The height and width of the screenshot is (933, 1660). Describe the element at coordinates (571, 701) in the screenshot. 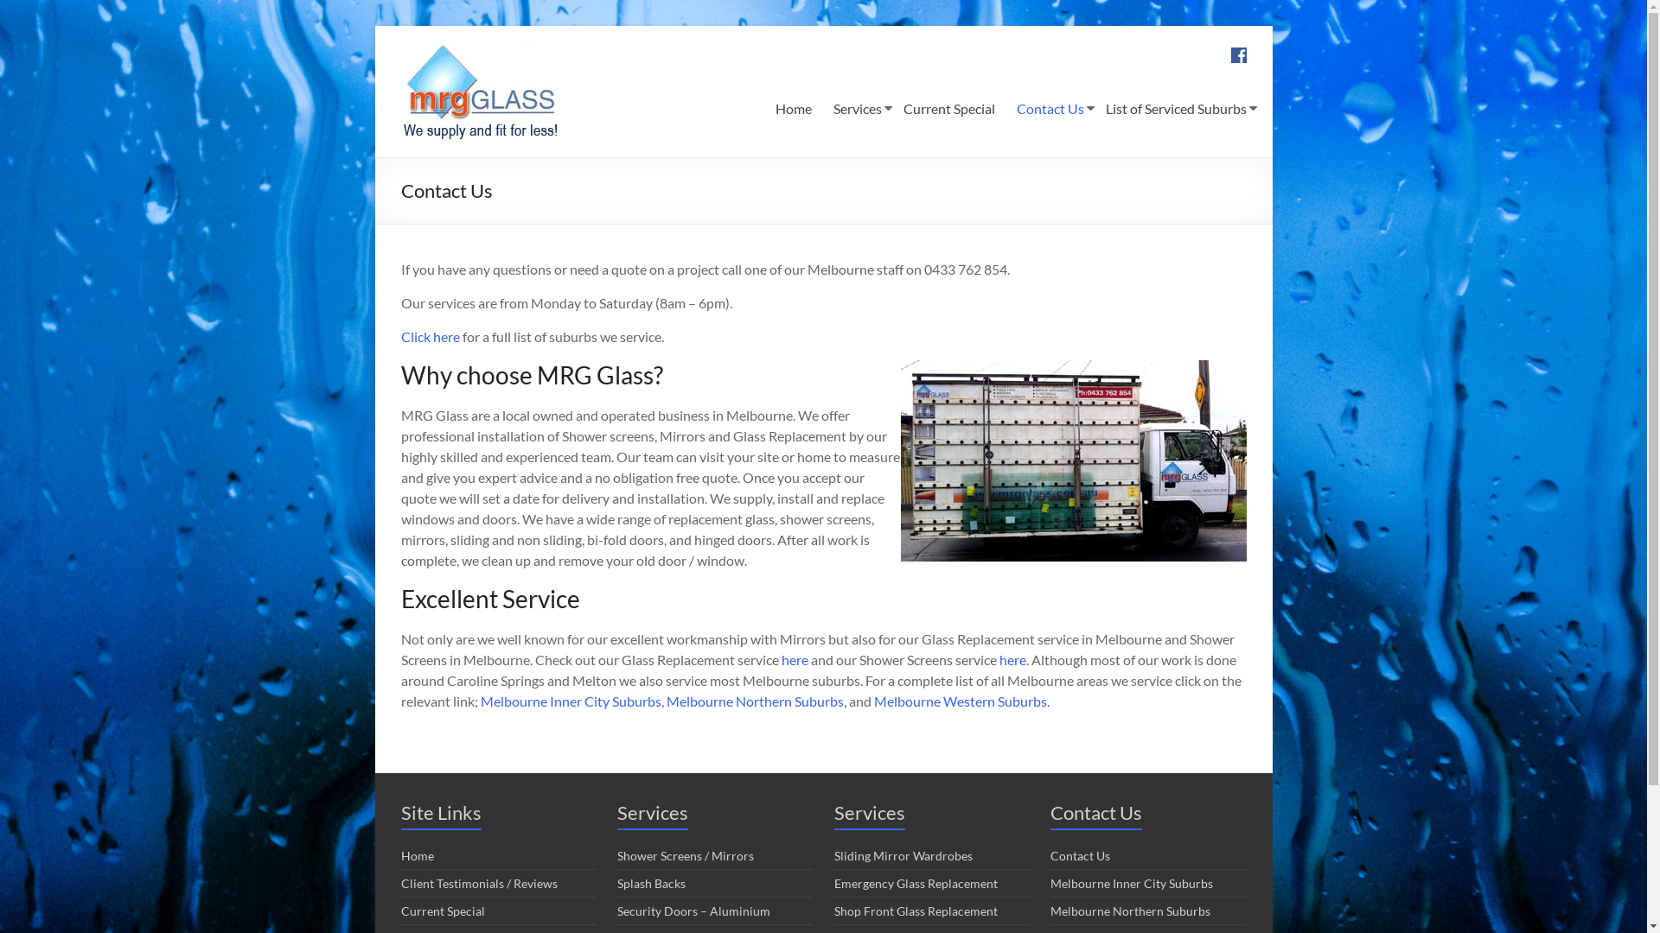

I see `'Melbourne Inner City Suburbs'` at that location.